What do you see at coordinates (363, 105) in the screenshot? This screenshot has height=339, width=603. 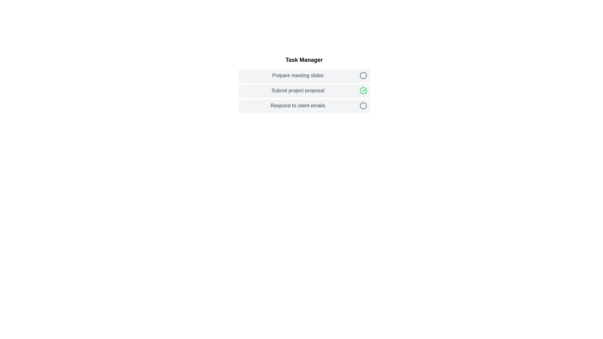 I see `the circular icon button located in the third task row under 'Task Manager', positioned to the far-right of the row labeled 'Respond to client emails'` at bounding box center [363, 105].